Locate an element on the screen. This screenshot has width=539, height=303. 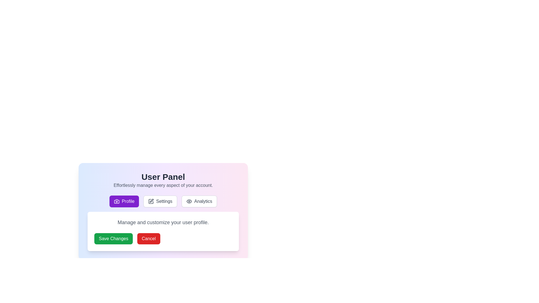
the tab labeled Profile to read its descriptive text is located at coordinates (124, 201).